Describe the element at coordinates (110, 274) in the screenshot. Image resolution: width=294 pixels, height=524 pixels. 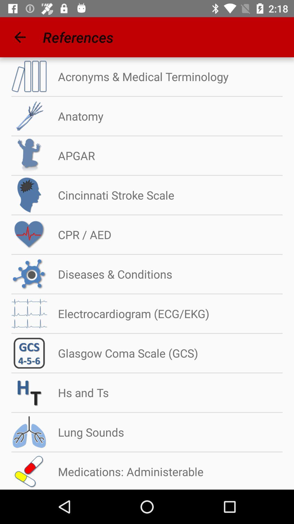
I see `the diseases & conditions icon` at that location.